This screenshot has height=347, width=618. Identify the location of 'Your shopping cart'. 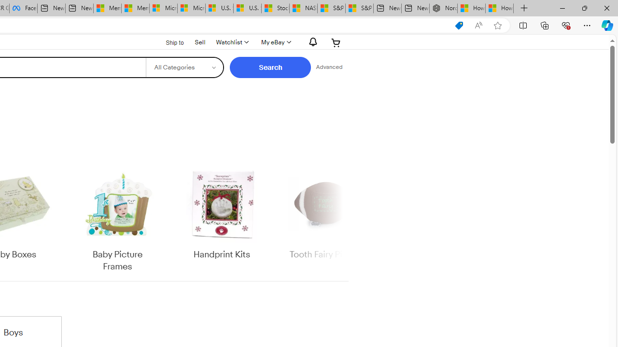
(336, 42).